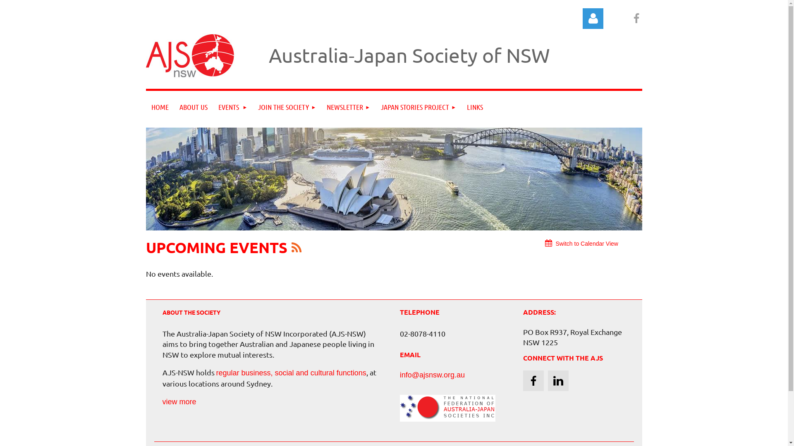 This screenshot has height=446, width=794. I want to click on 'Switch to Calendar View', so click(544, 243).